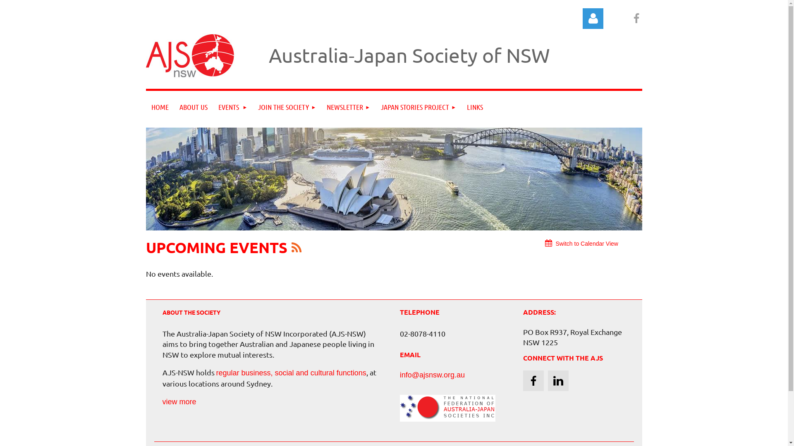 This screenshot has height=446, width=794. I want to click on 'Switch to Calendar View', so click(544, 243).